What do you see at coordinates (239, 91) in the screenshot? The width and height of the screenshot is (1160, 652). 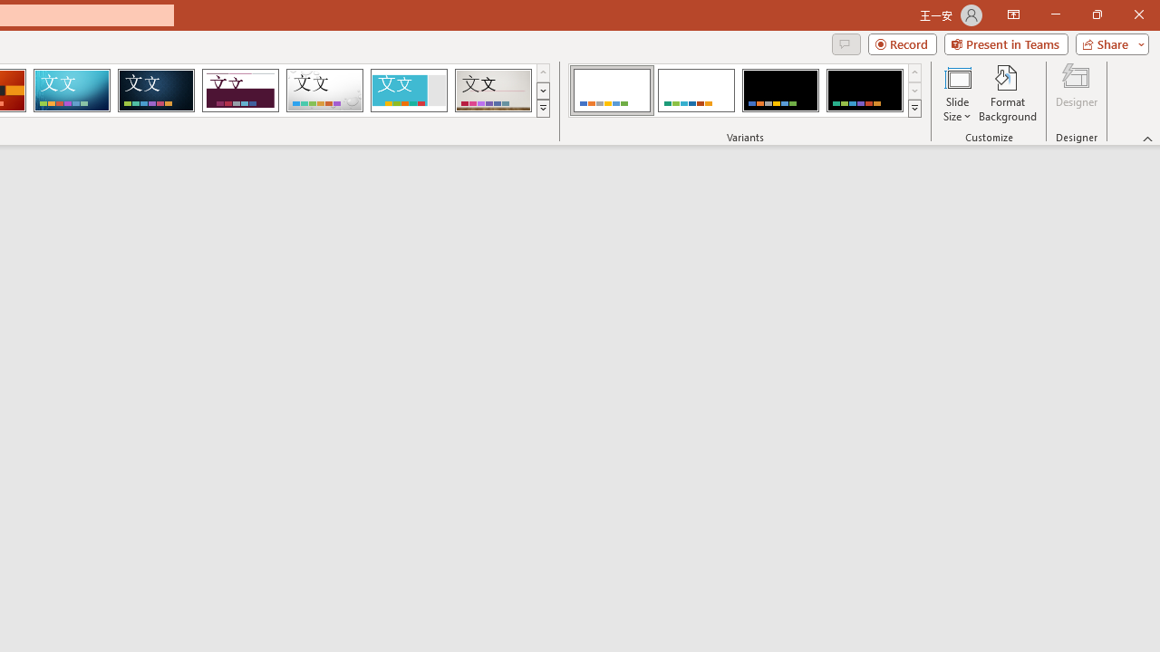 I see `'Dividend Loading Preview...'` at bounding box center [239, 91].